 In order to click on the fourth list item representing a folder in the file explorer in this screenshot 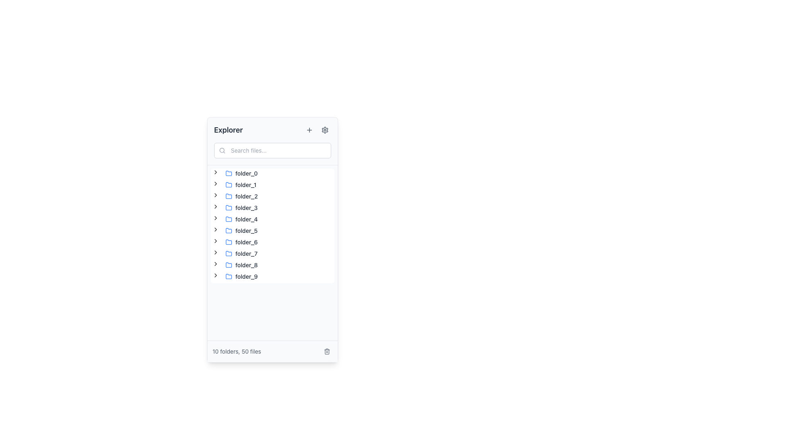, I will do `click(241, 207)`.